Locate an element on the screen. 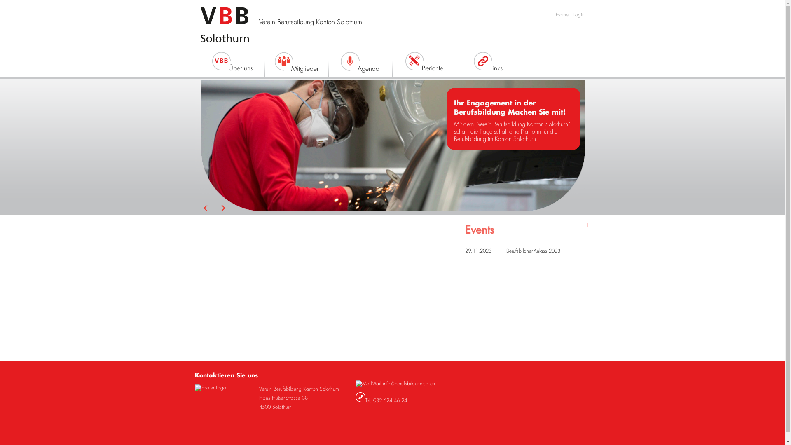  'Home' is located at coordinates (555, 14).